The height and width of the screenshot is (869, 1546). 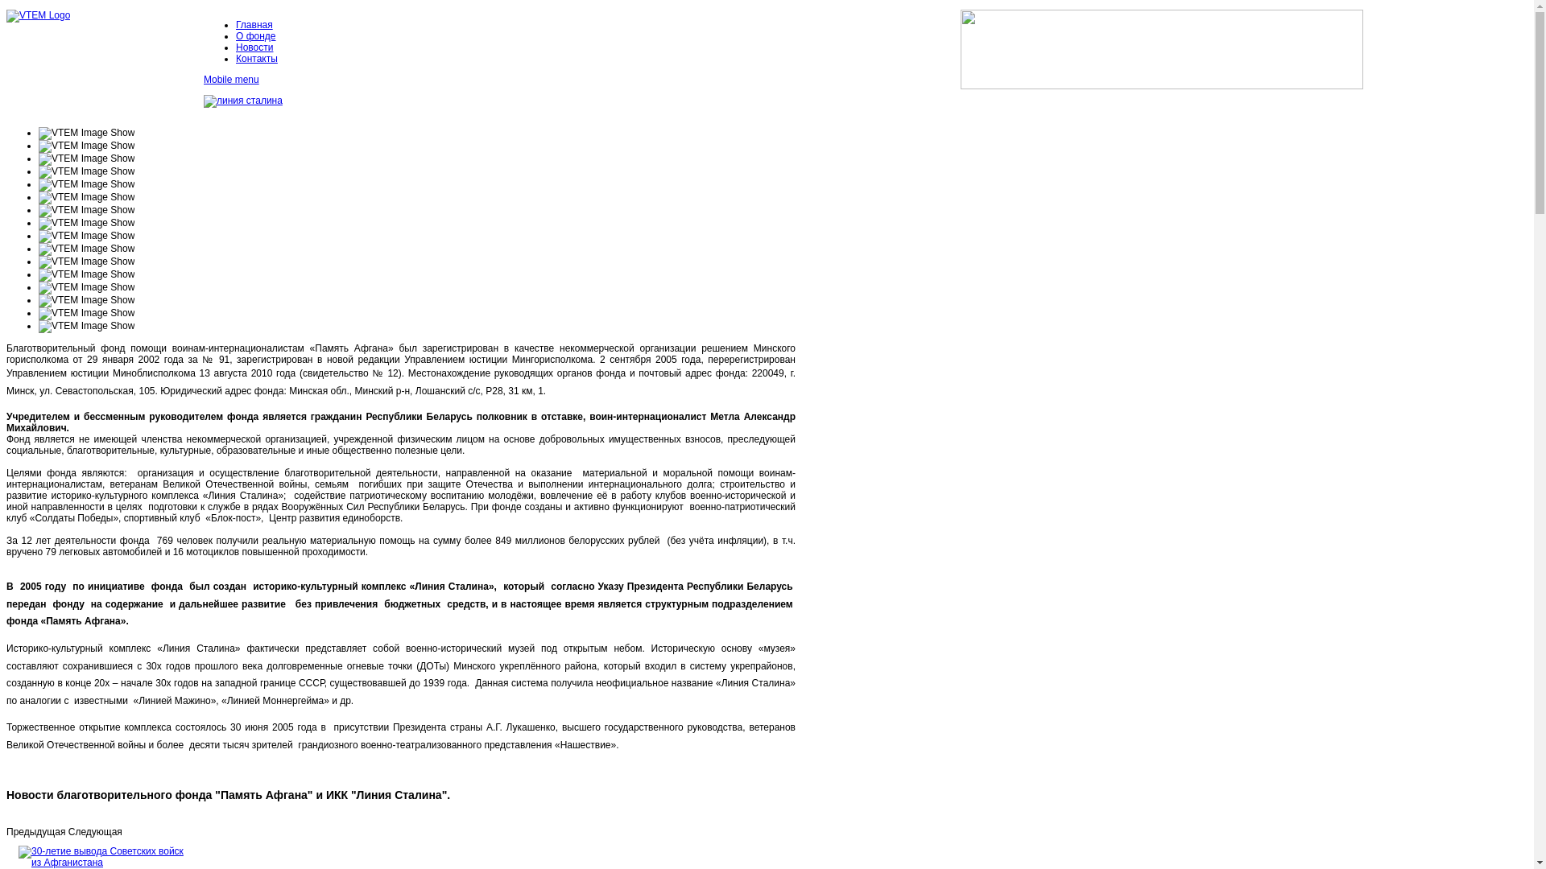 What do you see at coordinates (203, 80) in the screenshot?
I see `'Mobile menu'` at bounding box center [203, 80].